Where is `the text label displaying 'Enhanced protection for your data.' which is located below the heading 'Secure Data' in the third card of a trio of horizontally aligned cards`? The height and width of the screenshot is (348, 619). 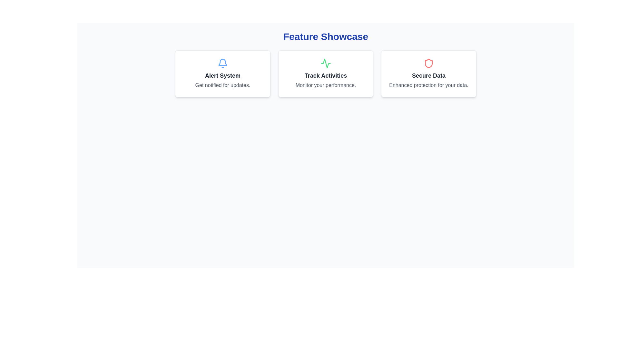 the text label displaying 'Enhanced protection for your data.' which is located below the heading 'Secure Data' in the third card of a trio of horizontally aligned cards is located at coordinates (428, 85).